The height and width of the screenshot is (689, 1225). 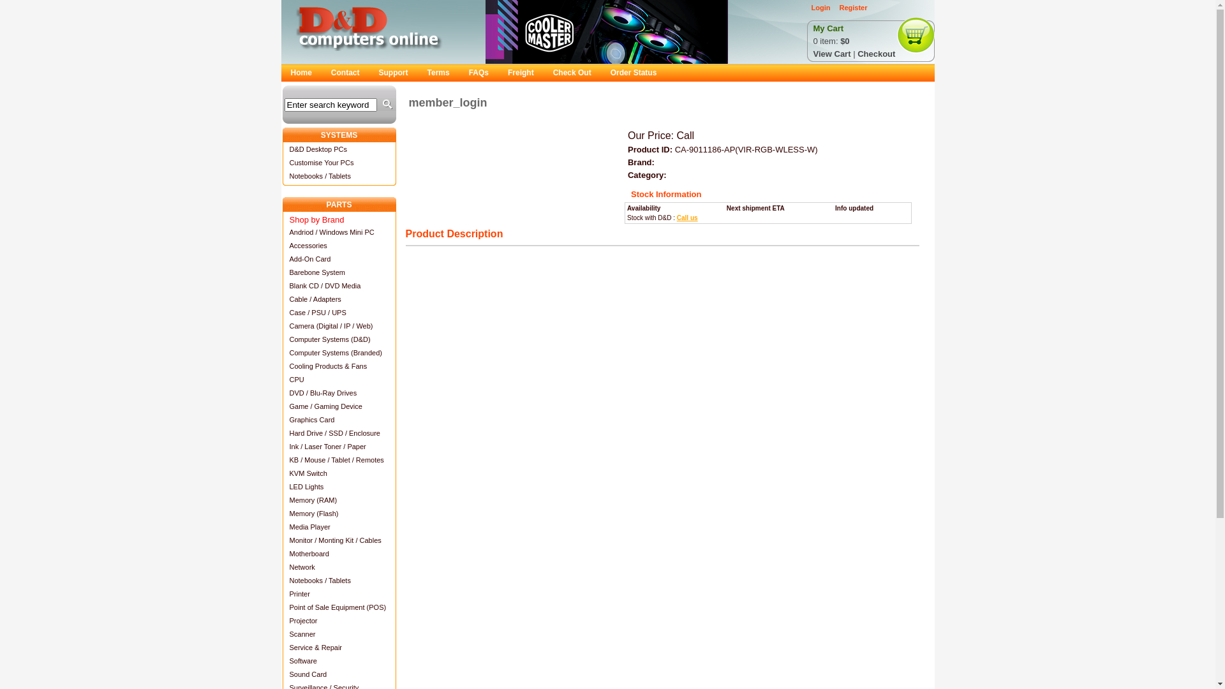 I want to click on 'Hard Drive / SSD / Enclosure', so click(x=281, y=432).